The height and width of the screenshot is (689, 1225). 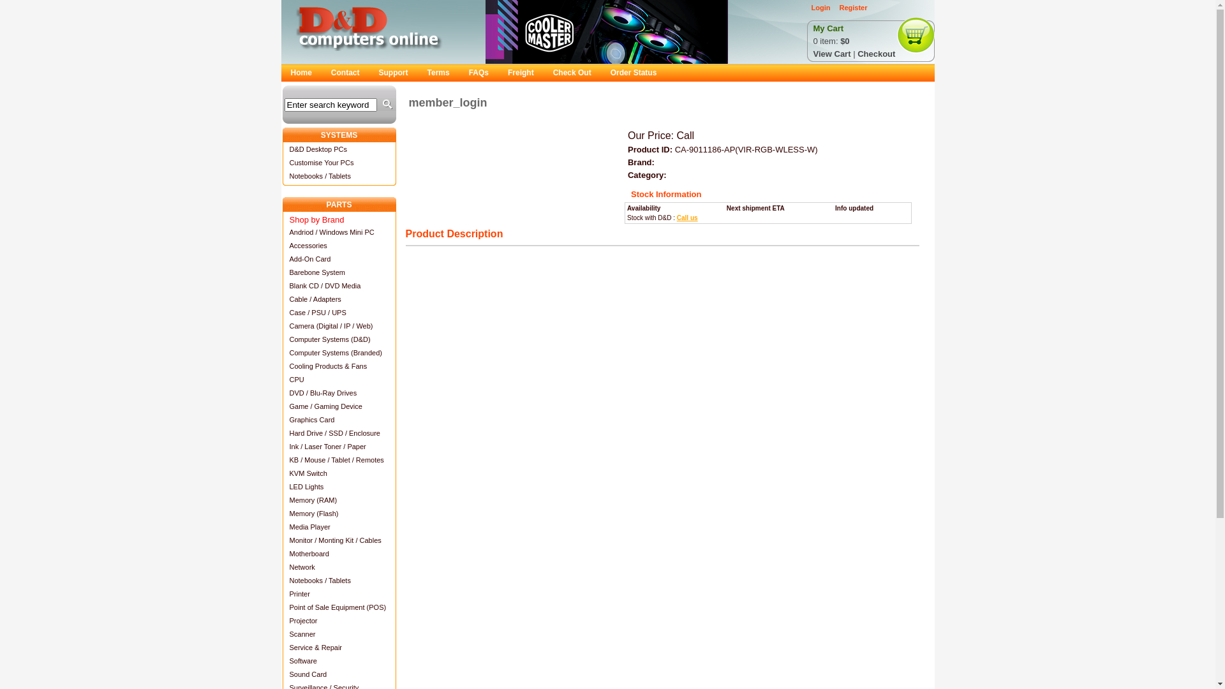 I want to click on 'Hard Drive / SSD / Enclosure', so click(x=281, y=432).